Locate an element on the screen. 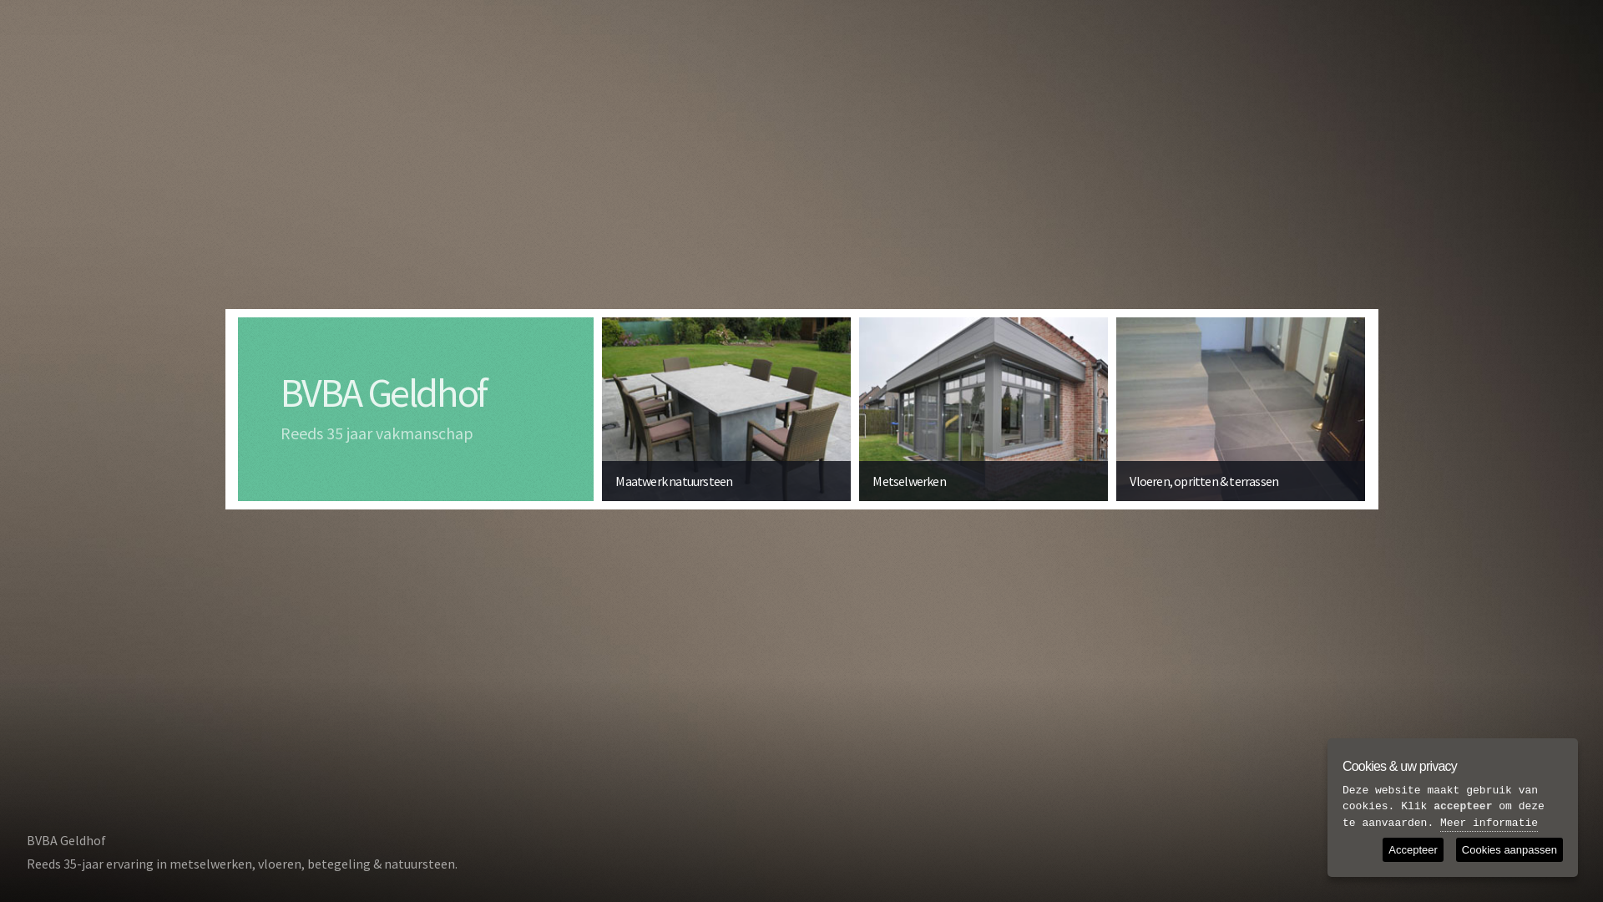  'uw privacy' is located at coordinates (1422, 863).